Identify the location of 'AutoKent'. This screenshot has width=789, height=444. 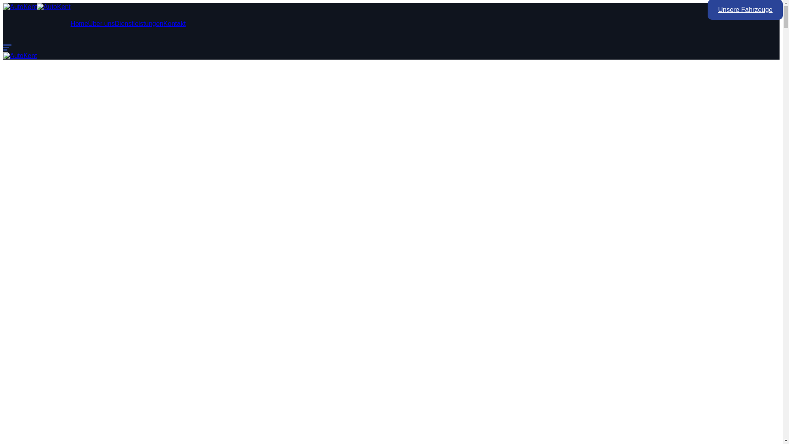
(3, 55).